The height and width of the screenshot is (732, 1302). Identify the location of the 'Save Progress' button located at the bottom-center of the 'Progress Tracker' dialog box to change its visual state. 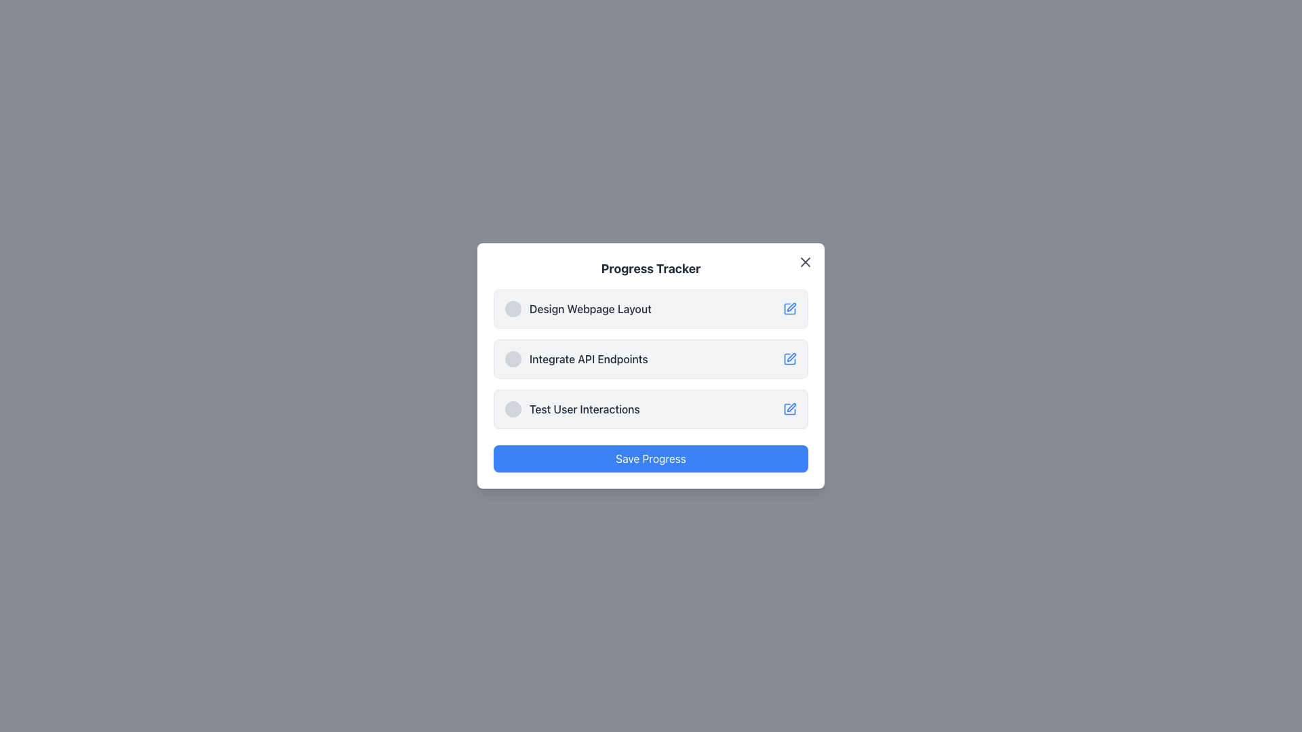
(651, 458).